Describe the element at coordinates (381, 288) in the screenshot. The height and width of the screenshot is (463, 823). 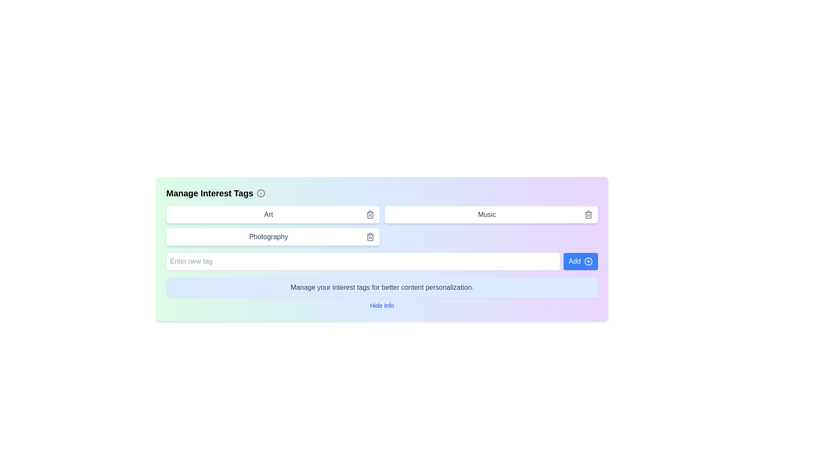
I see `the informational text label that explains the purpose of the interest tags feature, located above the 'Hide Info' link and below the input field for adding new tags` at that location.